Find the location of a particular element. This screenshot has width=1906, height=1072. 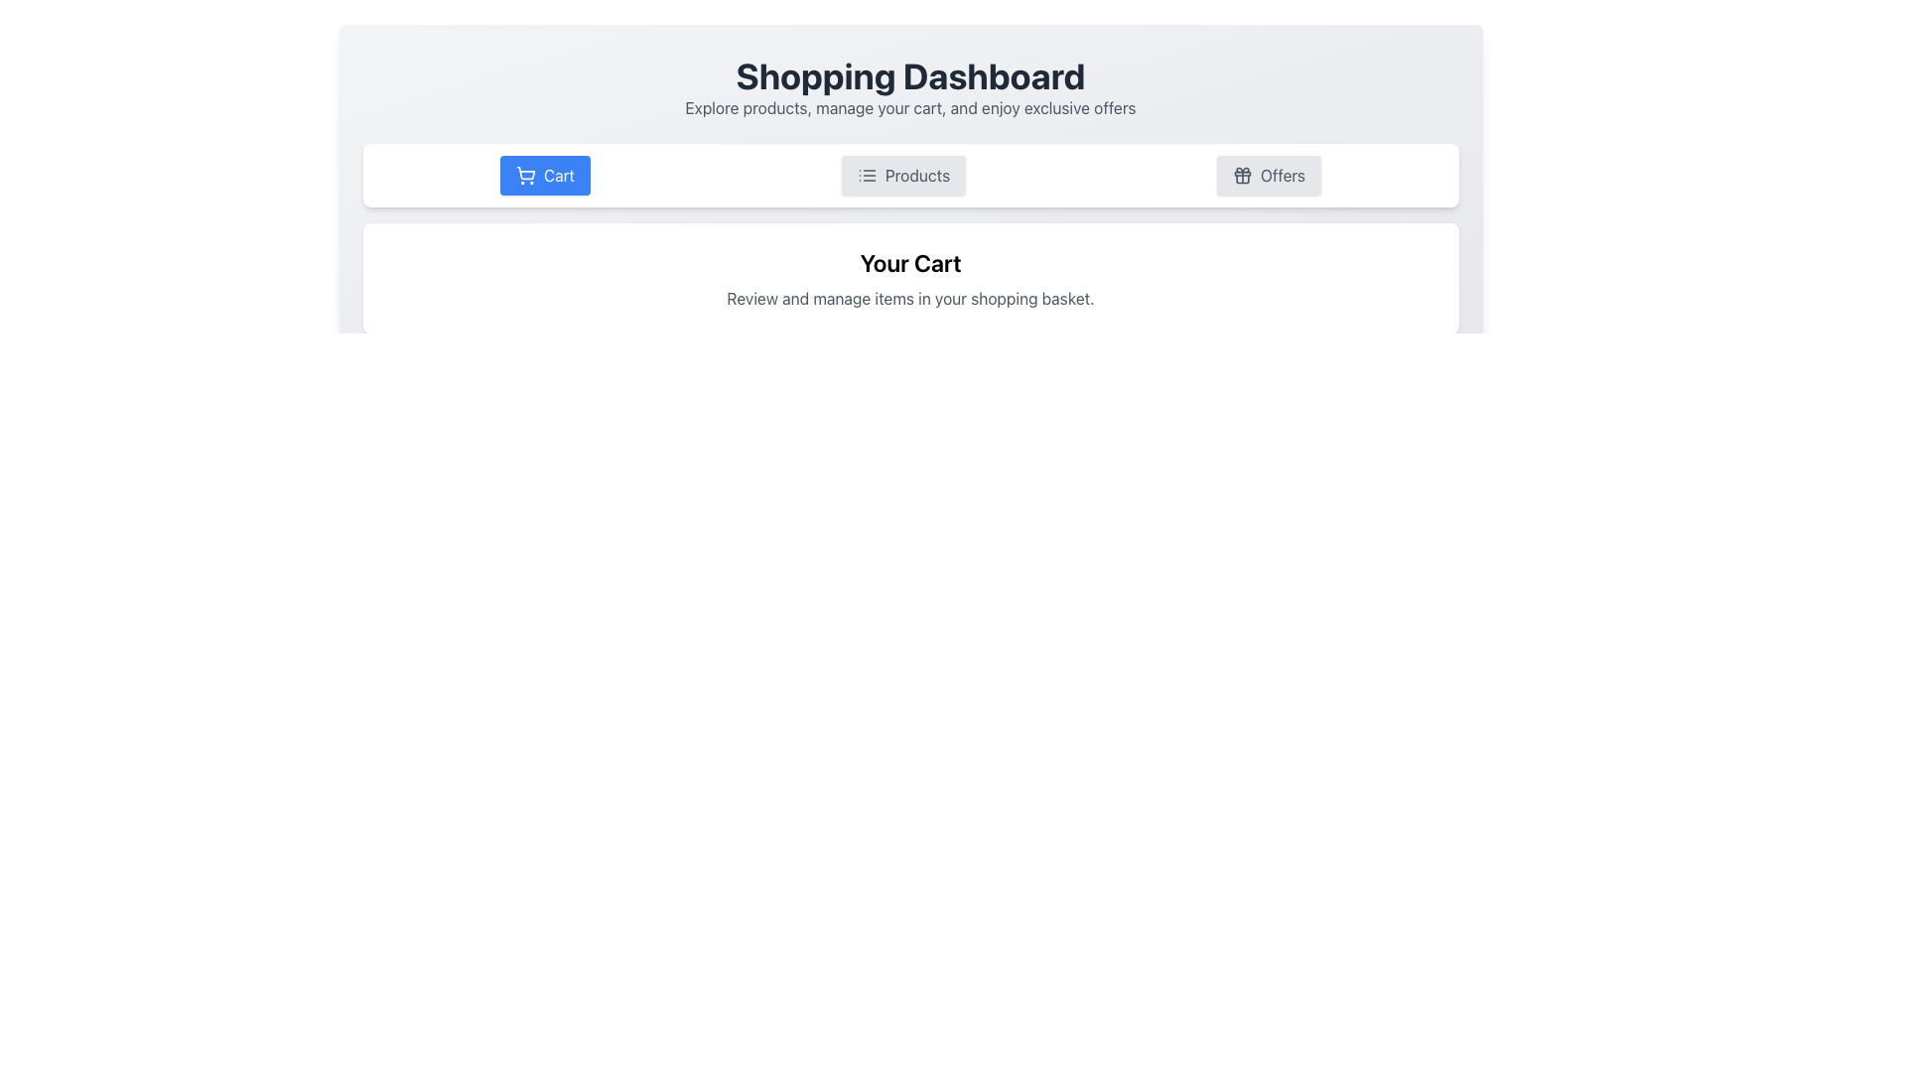

the text label of the button for offers or promotions located to the far-right is located at coordinates (1283, 175).